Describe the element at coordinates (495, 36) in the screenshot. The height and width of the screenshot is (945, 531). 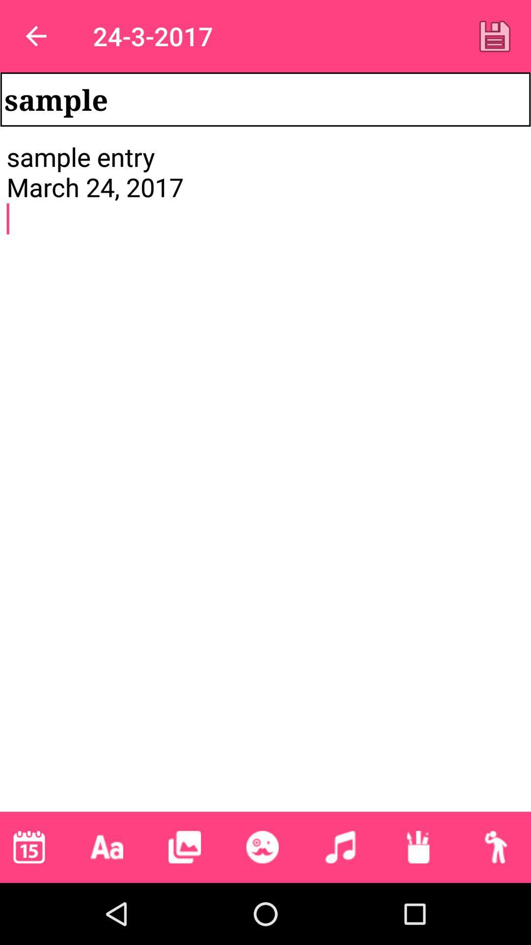
I see `the icon next to 24-3-2017 app` at that location.